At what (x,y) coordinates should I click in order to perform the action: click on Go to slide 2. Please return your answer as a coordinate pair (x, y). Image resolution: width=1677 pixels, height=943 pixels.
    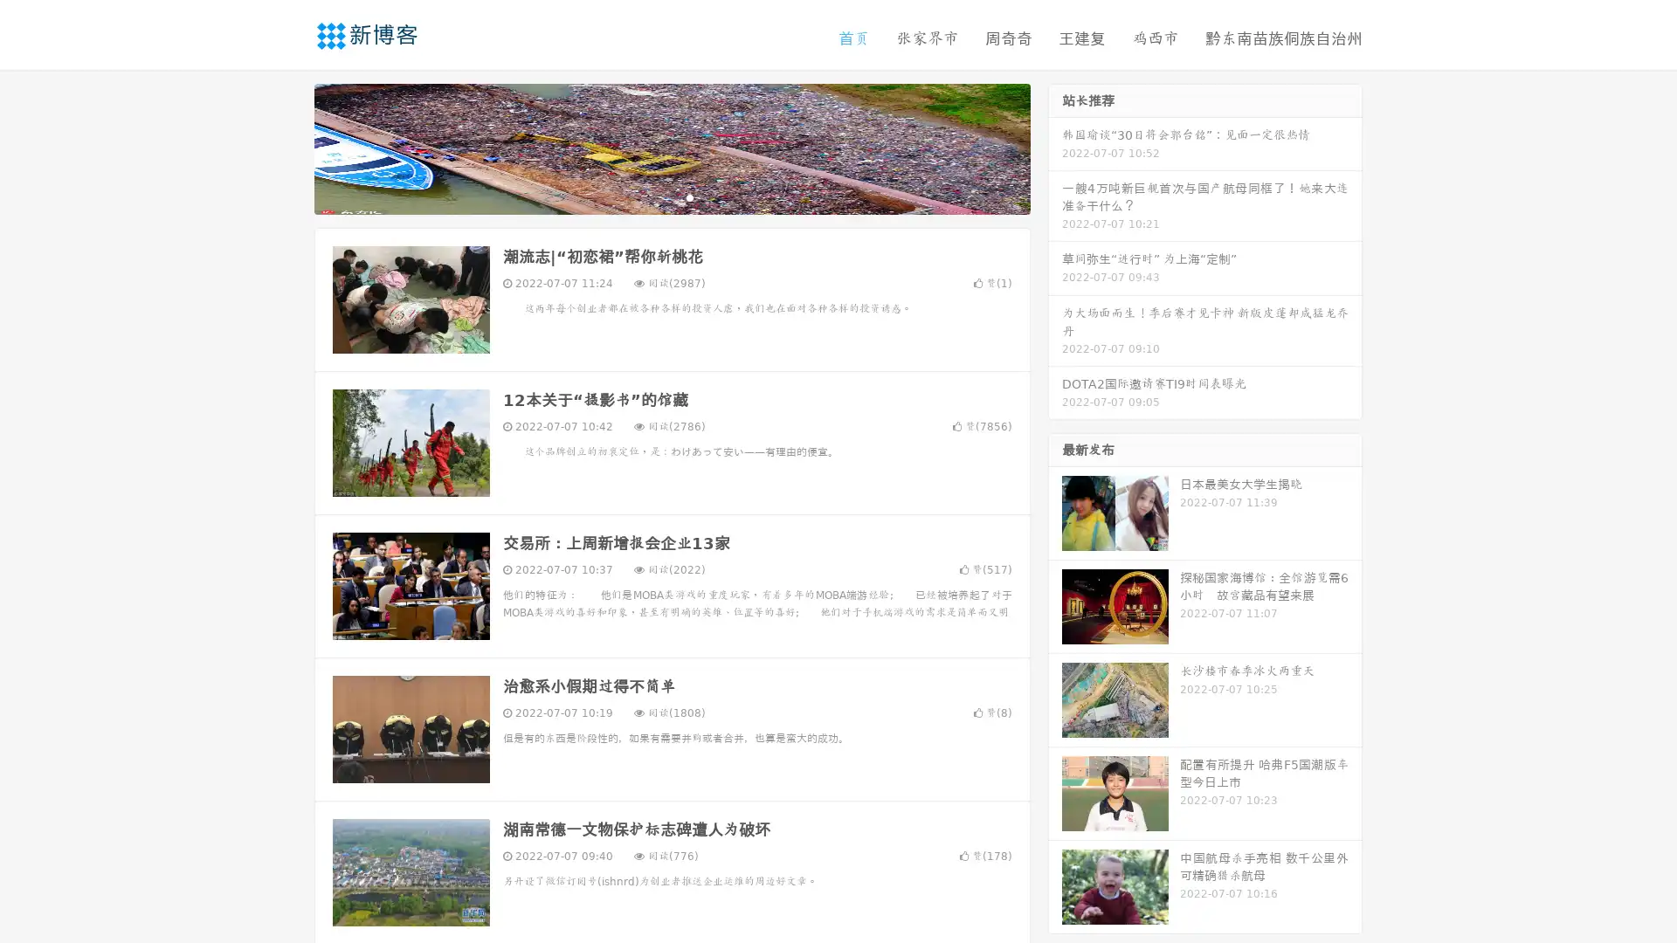
    Looking at the image, I should click on (671, 196).